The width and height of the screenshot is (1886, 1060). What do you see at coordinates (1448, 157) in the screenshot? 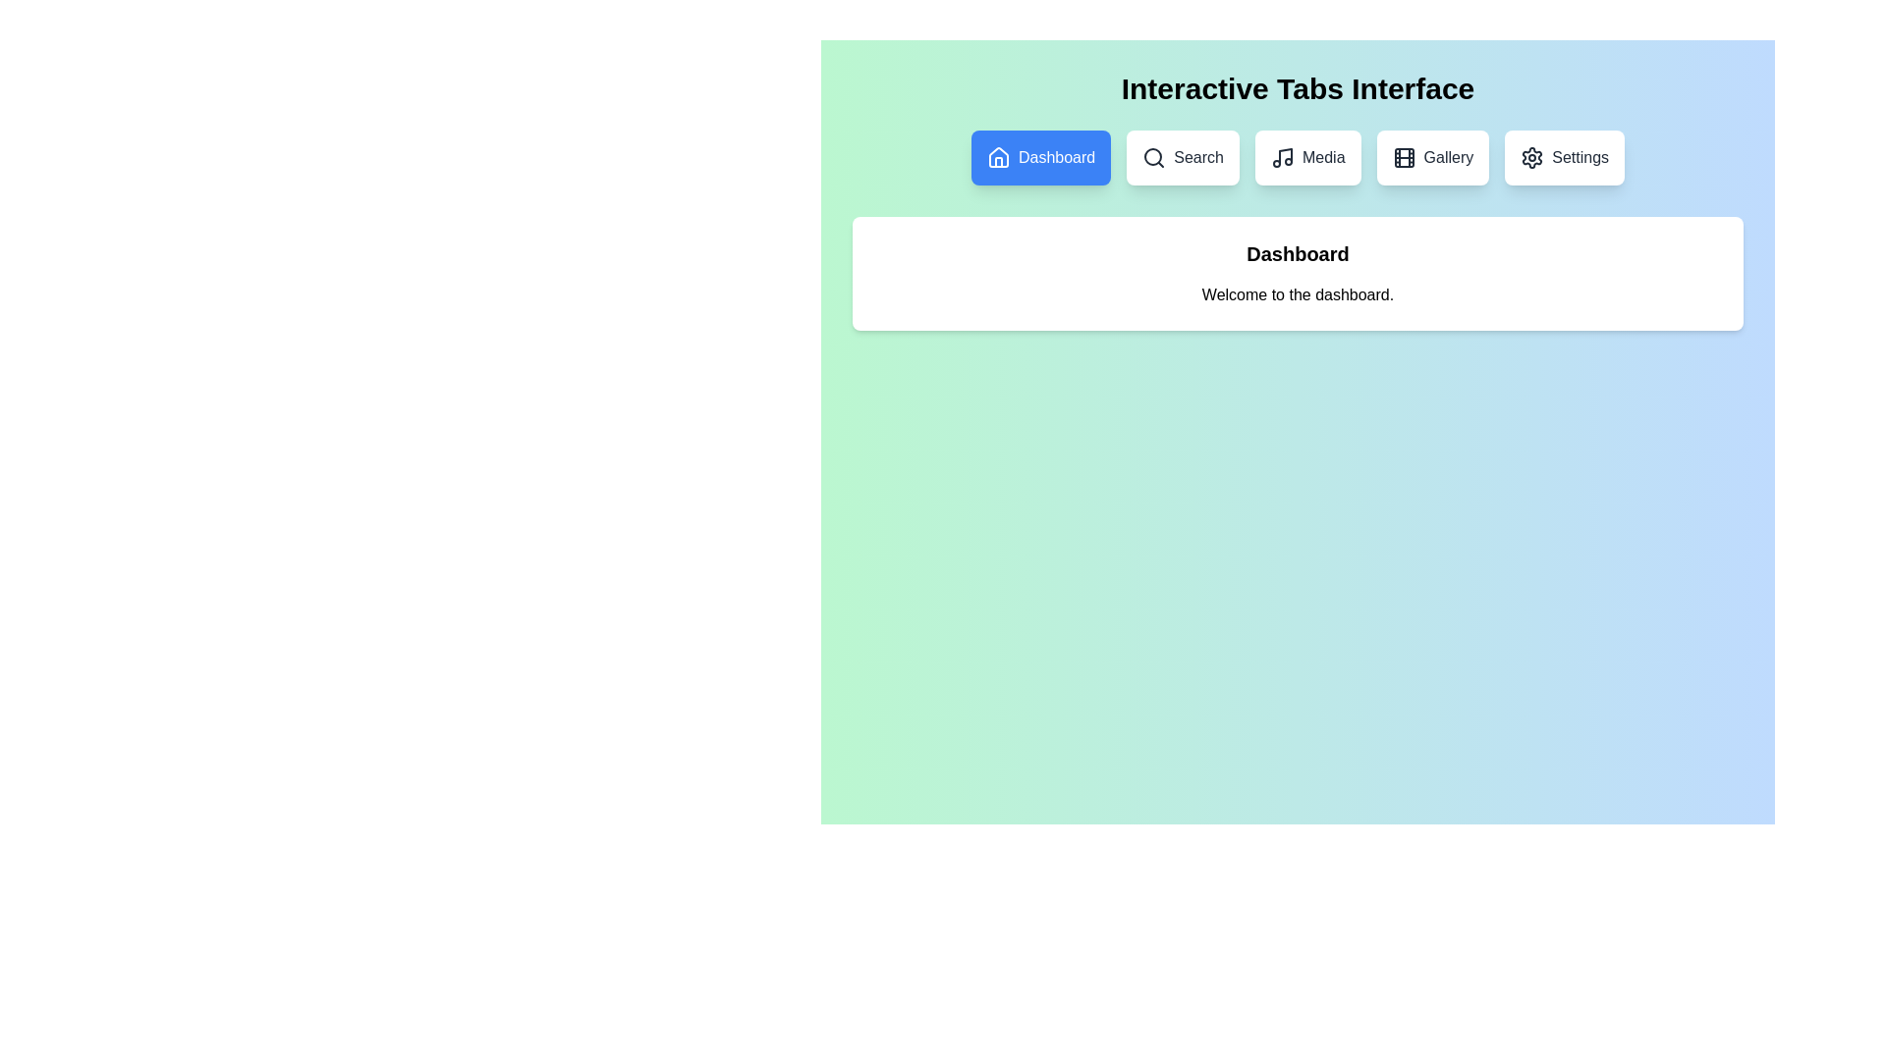
I see `the 'Gallery' text label within the navigation tab button that indicates the function of accessing the gallery section` at bounding box center [1448, 157].